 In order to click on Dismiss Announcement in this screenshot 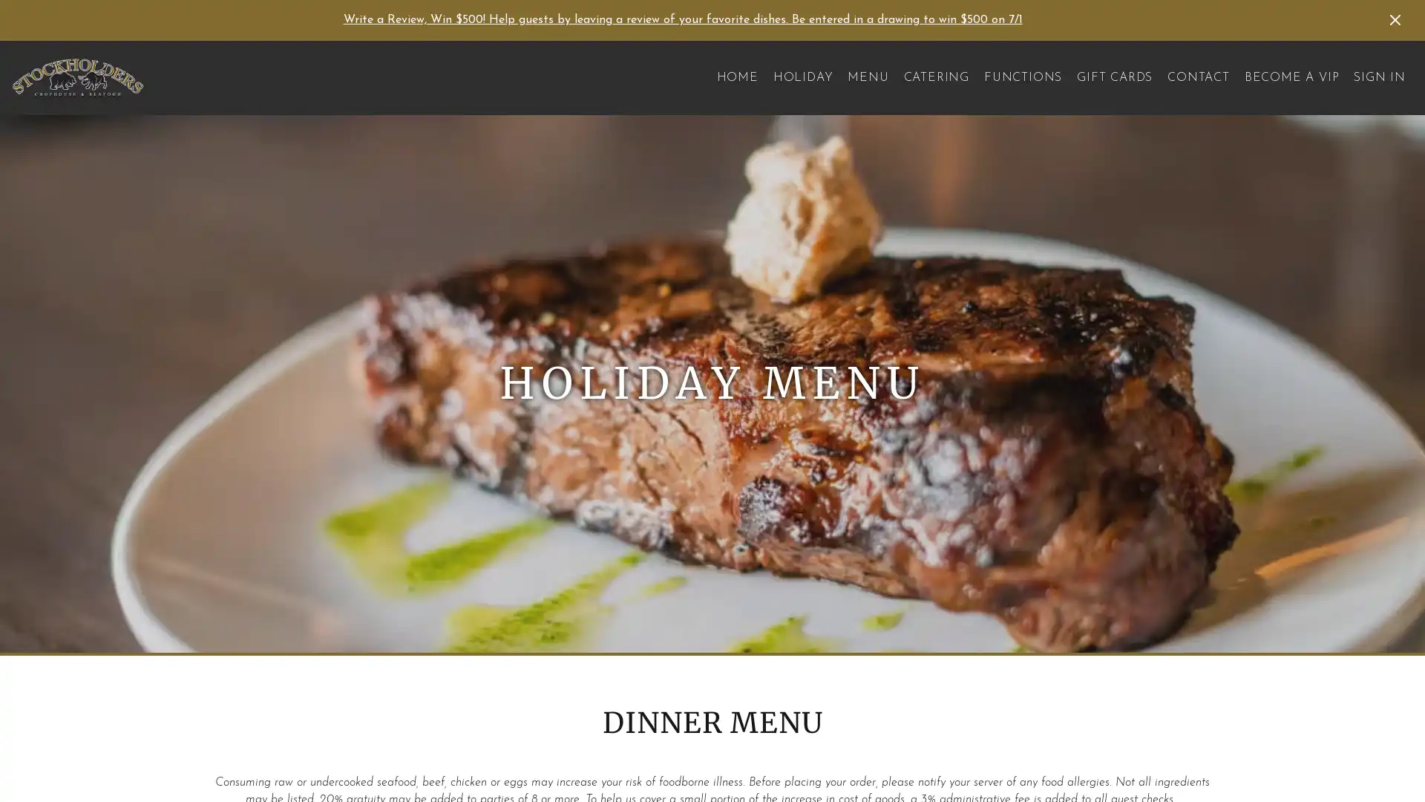, I will do `click(1395, 20)`.